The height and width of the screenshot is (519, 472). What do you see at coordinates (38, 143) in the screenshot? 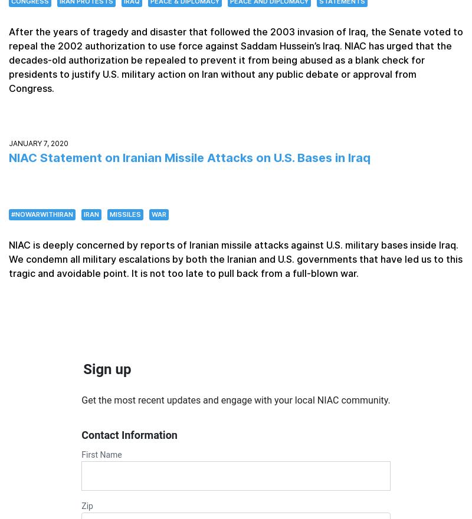
I see `'January 7, 2020'` at bounding box center [38, 143].